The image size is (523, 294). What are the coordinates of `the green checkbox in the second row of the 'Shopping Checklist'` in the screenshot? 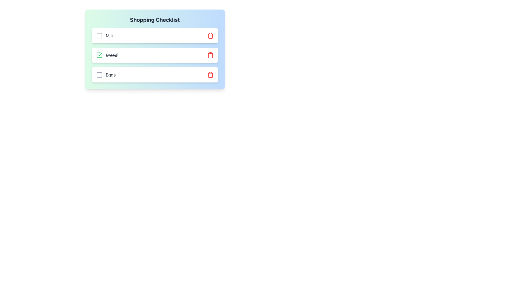 It's located at (154, 55).